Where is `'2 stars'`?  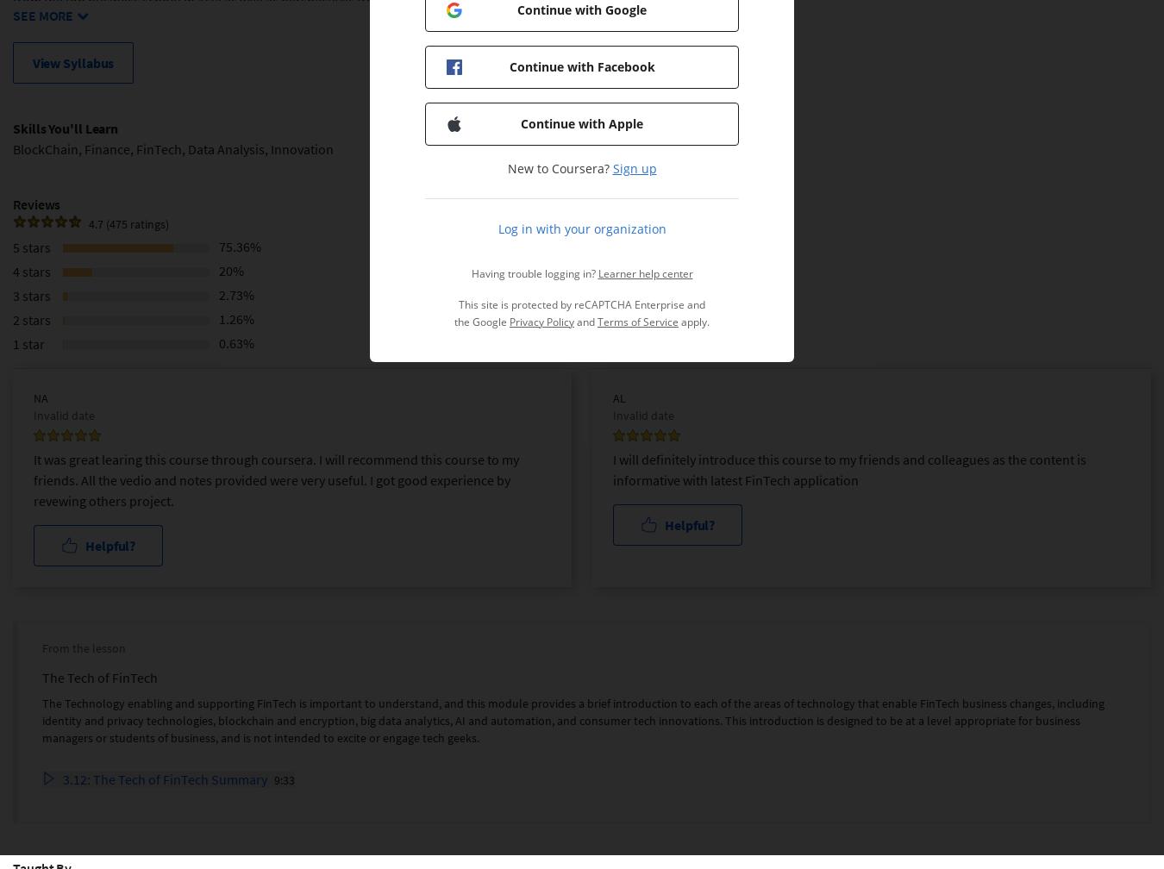
'2 stars' is located at coordinates (30, 319).